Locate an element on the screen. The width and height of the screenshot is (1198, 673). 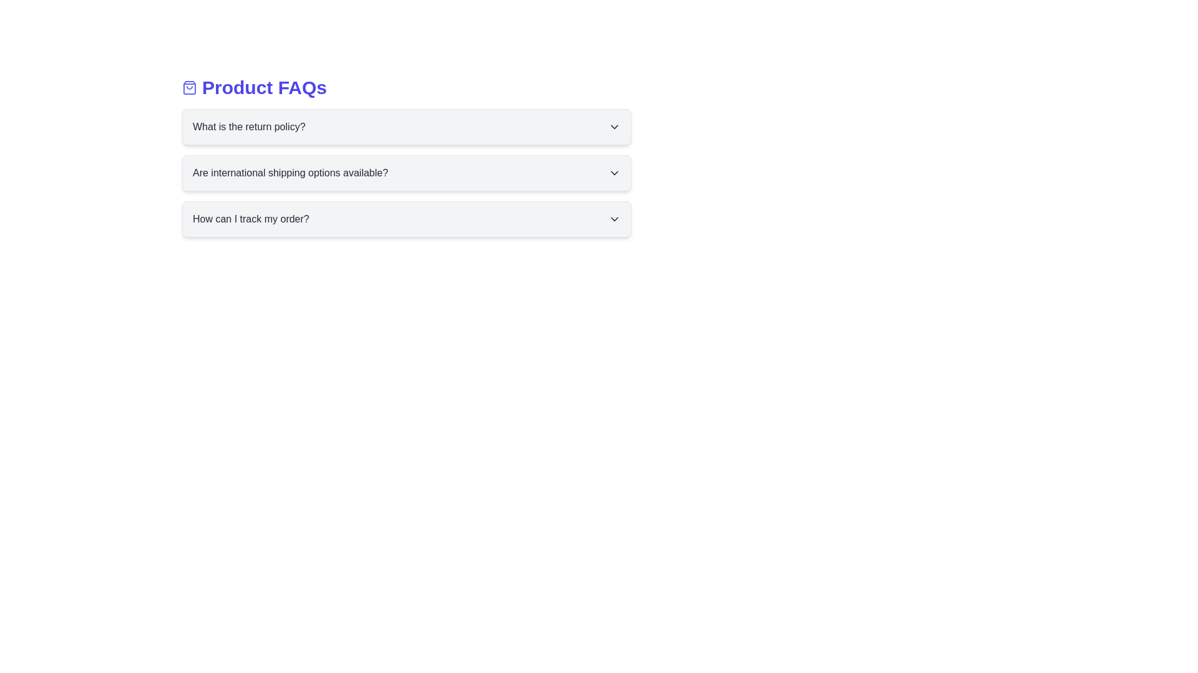
the chevron icon located at the right edge of the second FAQ item titled 'Are international shipping options available?' to potentially trigger a tooltip or visual effect is located at coordinates (614, 173).